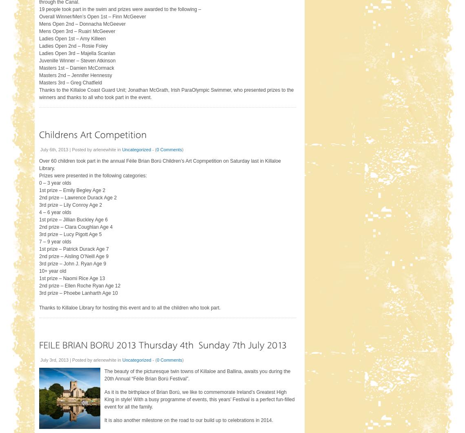 The width and height of the screenshot is (465, 433). I want to click on 'Masters 1st – Damien McCormack', so click(38, 67).